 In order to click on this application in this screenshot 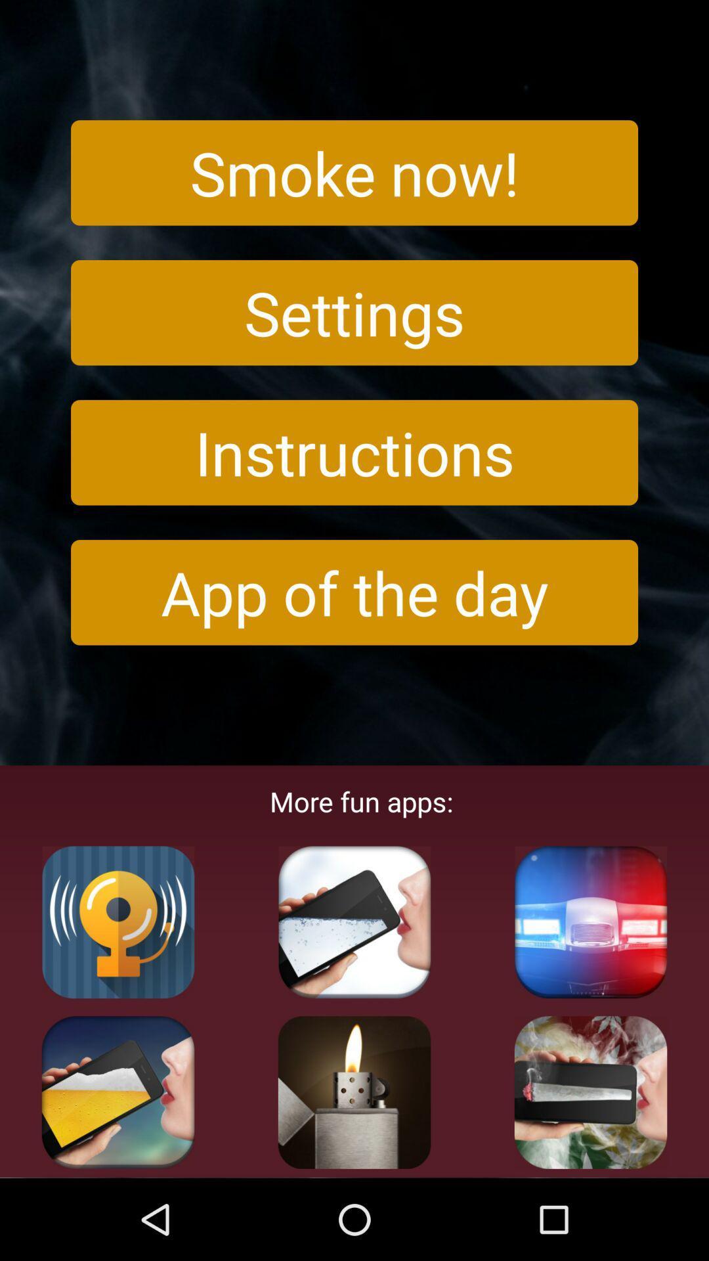, I will do `click(354, 921)`.